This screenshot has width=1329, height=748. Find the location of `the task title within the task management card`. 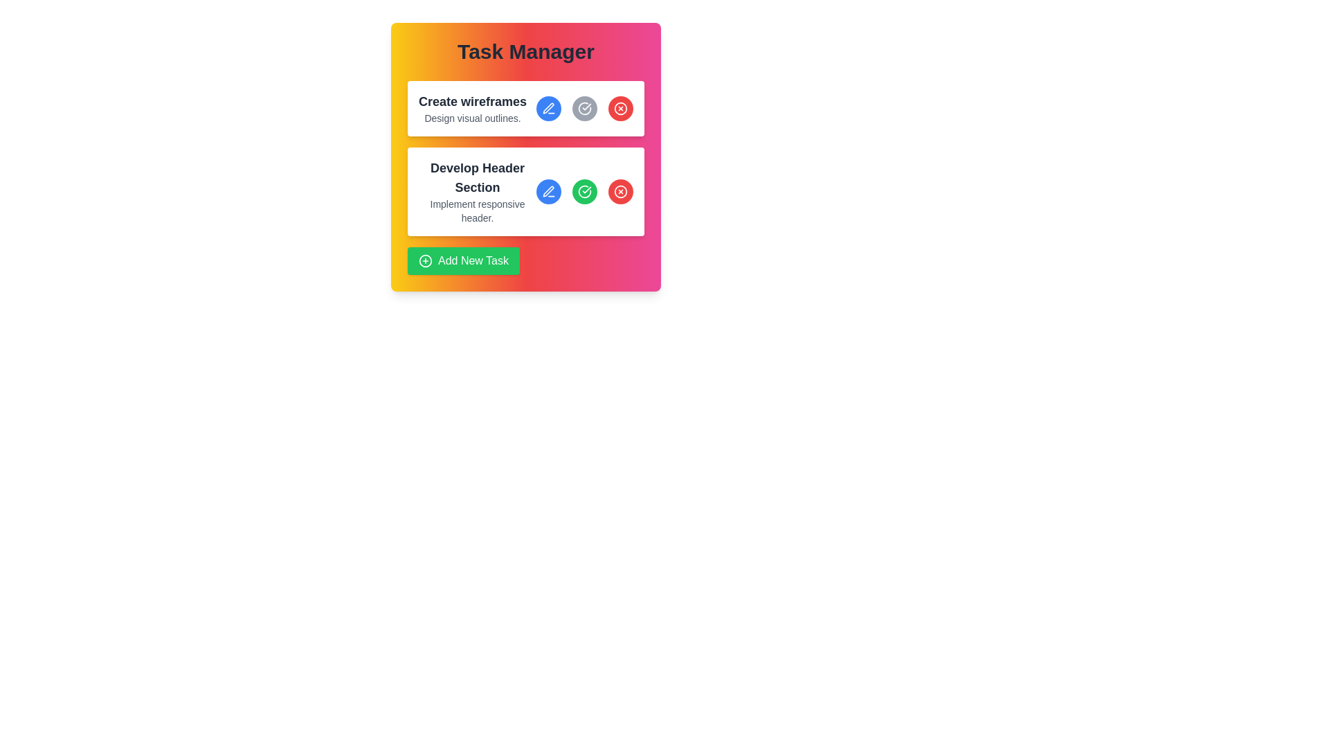

the task title within the task management card is located at coordinates (525, 157).